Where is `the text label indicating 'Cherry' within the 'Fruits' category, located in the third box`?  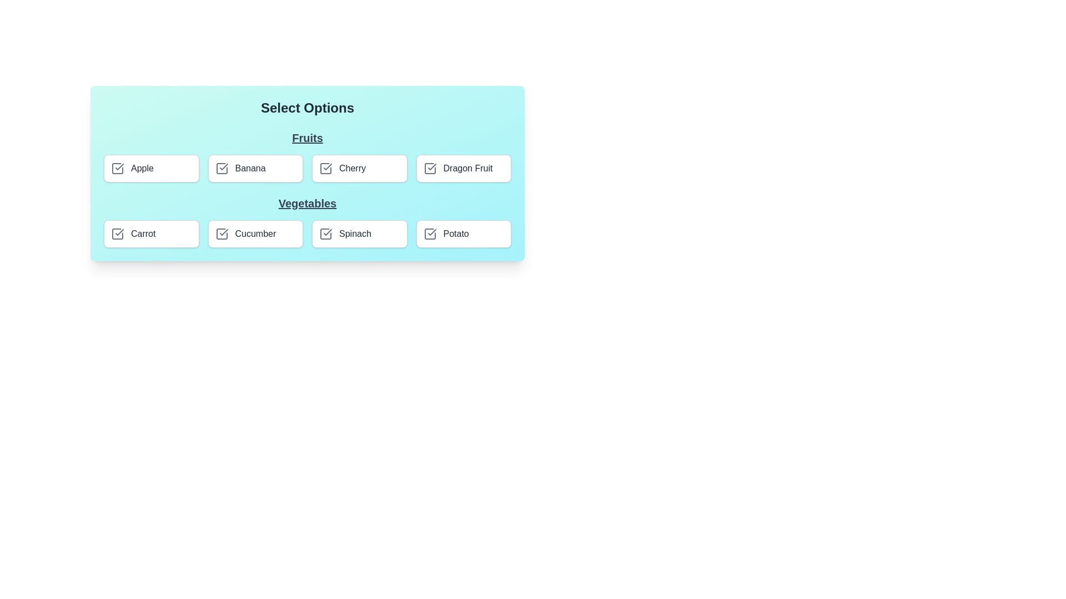 the text label indicating 'Cherry' within the 'Fruits' category, located in the third box is located at coordinates (351, 169).